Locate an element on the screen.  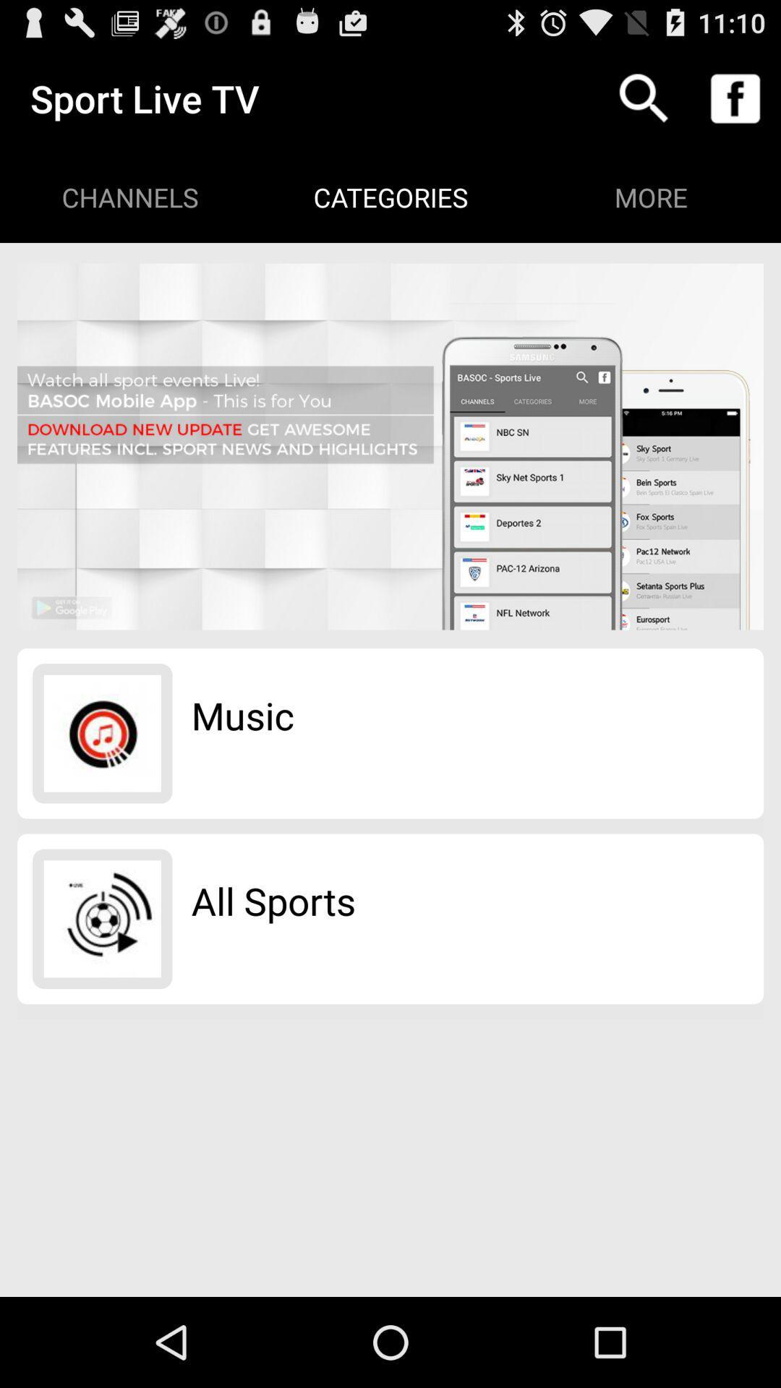
the icon below channels is located at coordinates (390, 446).